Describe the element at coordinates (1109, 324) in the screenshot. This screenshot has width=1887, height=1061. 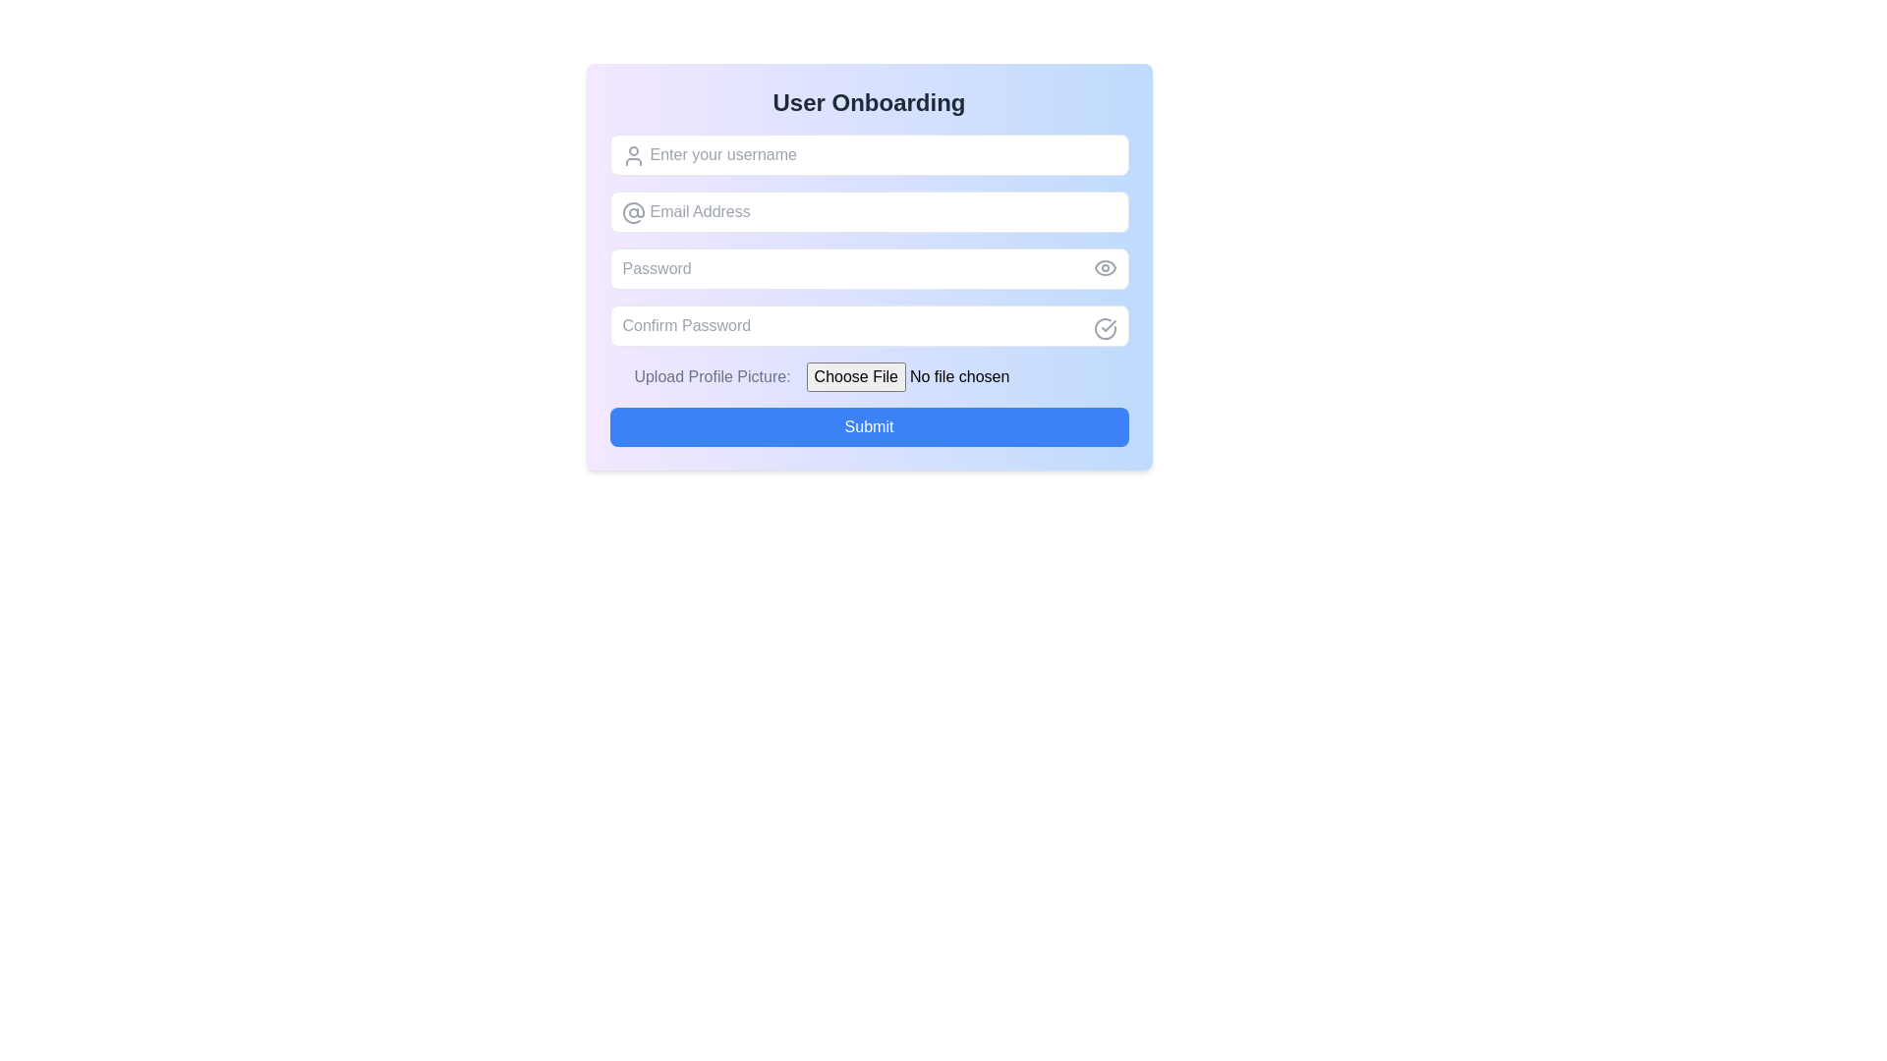
I see `the checkmark icon located near the right side of the 'Confirm Password' input field` at that location.